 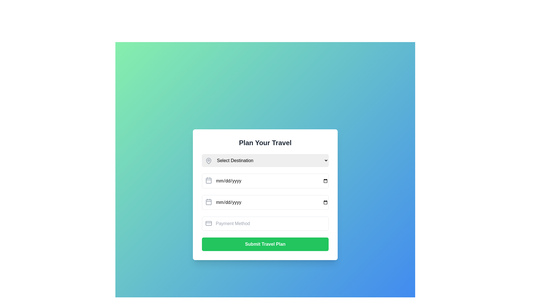 What do you see at coordinates (208, 180) in the screenshot?
I see `the rounded rectangular component of the calendar icon, which is located slightly below the top edge and centered horizontally within the overall icon` at bounding box center [208, 180].